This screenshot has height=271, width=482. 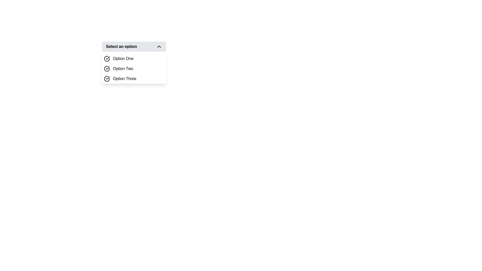 I want to click on the List Item labeled 'Option Two' using keyboard navigation, so click(x=134, y=69).